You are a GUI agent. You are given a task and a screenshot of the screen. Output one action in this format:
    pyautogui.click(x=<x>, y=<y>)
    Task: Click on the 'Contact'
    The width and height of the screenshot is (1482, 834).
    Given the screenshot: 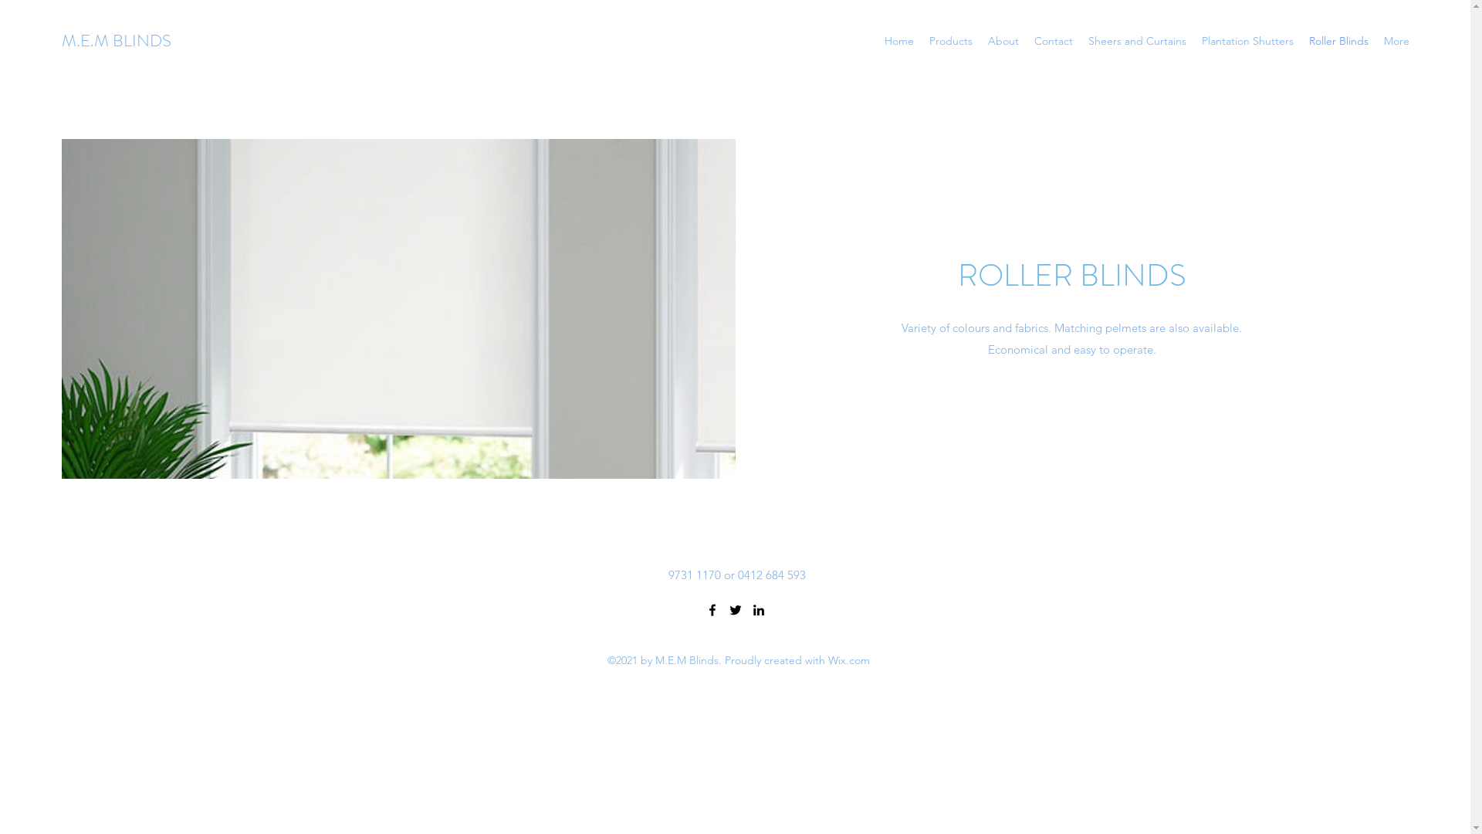 What is the action you would take?
    pyautogui.click(x=1026, y=40)
    